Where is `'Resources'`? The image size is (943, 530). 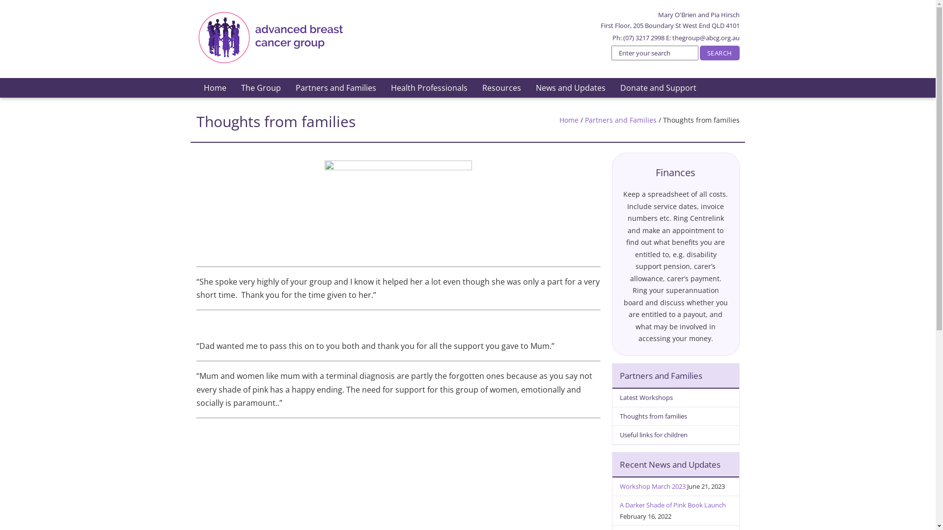 'Resources' is located at coordinates (501, 87).